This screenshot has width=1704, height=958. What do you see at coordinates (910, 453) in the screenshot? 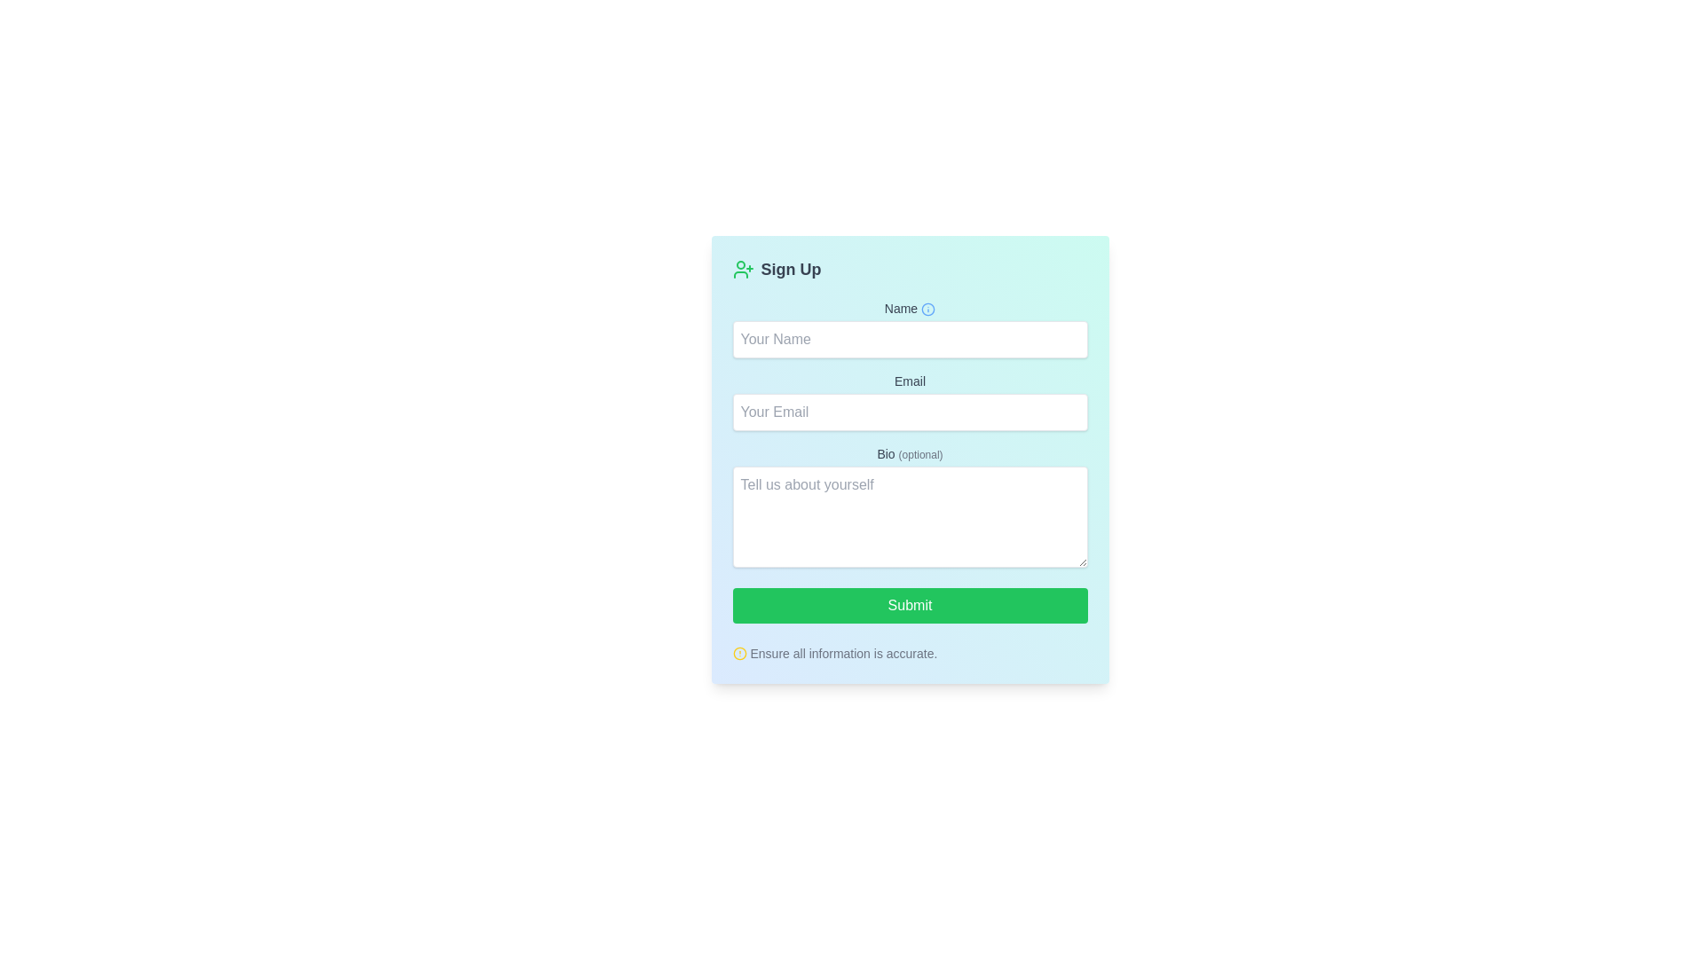
I see `the 'Bio' label that indicates the optional nature of the 'Bio' input field` at bounding box center [910, 453].